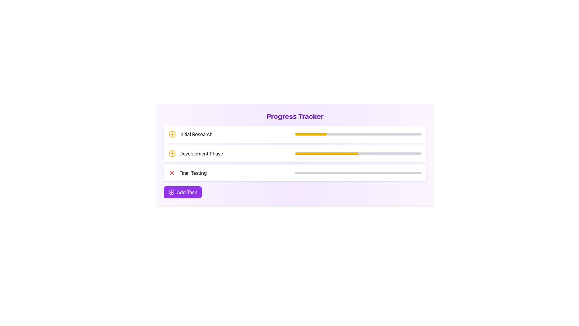 The width and height of the screenshot is (579, 326). I want to click on the second task labeled within the 'Progress Tracker' interface, which is positioned between 'Initial Research' and 'Final Testing', so click(196, 153).